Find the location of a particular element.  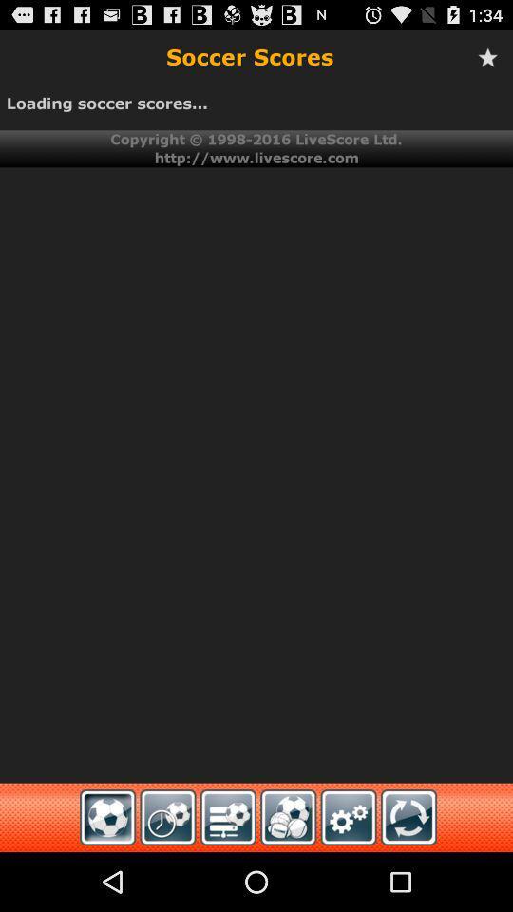

the time icon is located at coordinates (168, 875).